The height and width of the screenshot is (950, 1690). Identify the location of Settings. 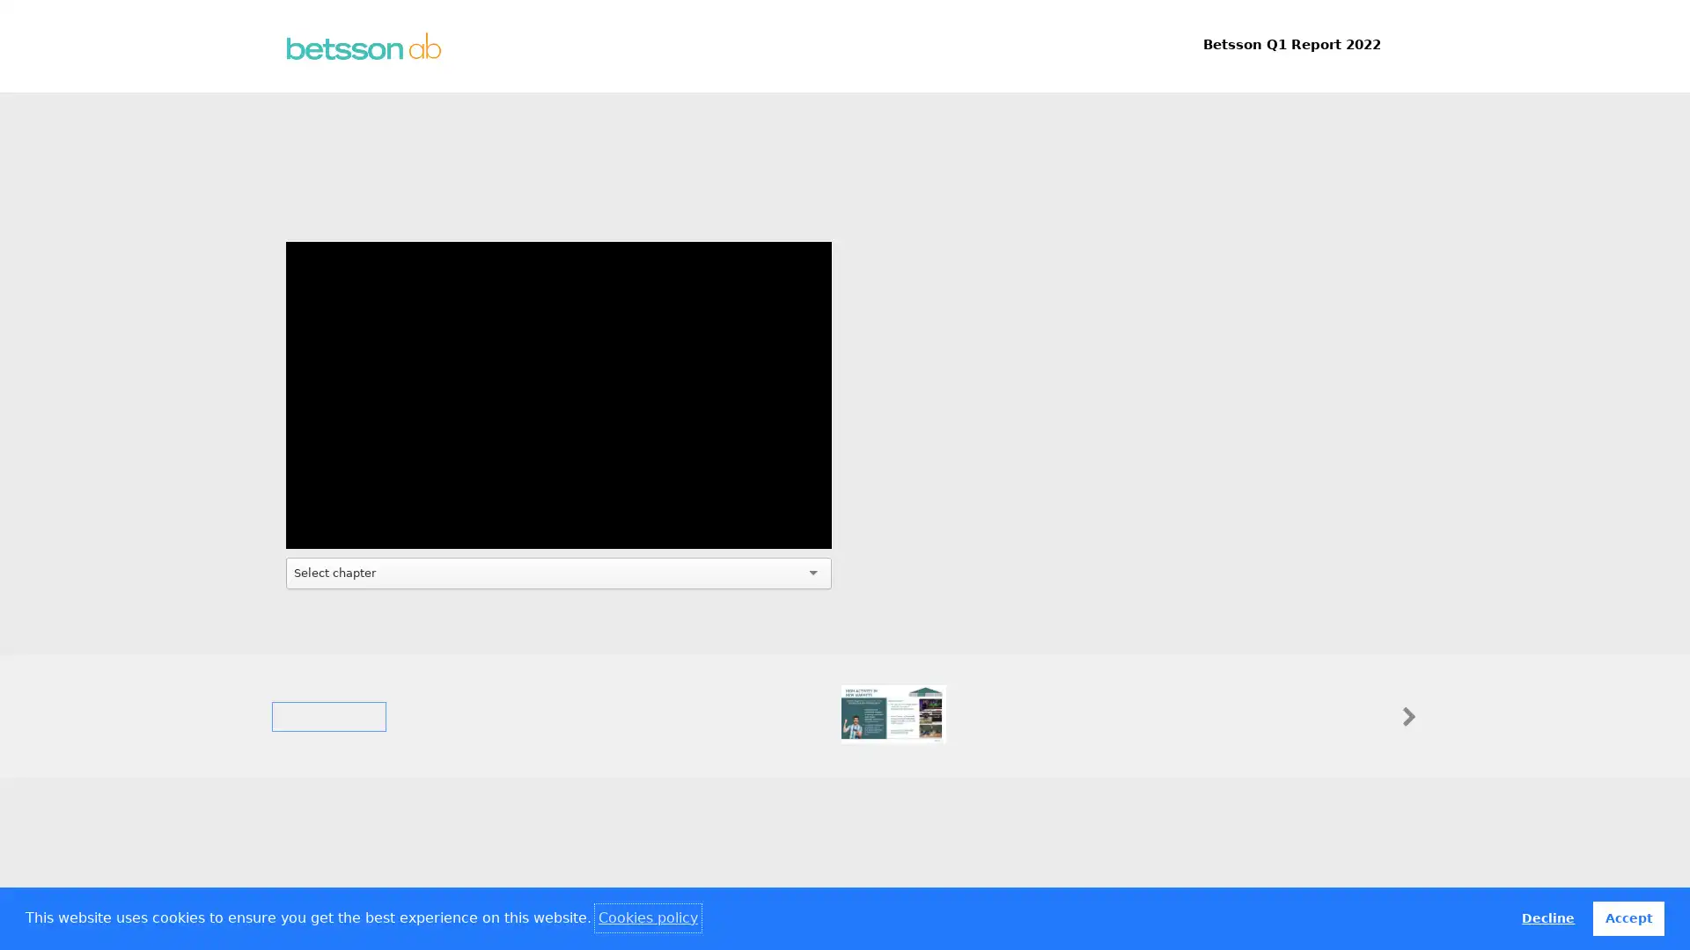
(776, 521).